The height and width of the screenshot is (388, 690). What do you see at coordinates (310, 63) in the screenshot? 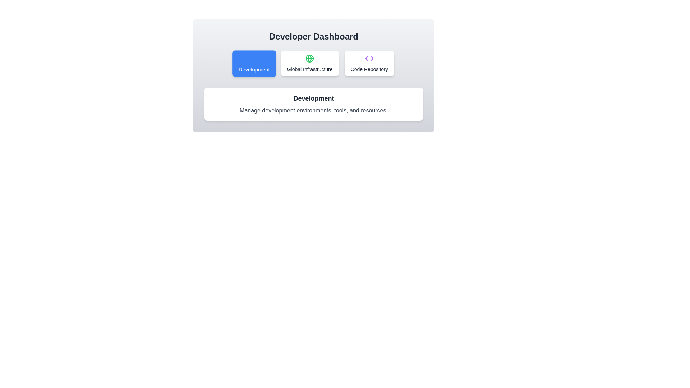
I see `the tab labeled Global Infrastructure to view its icon and content` at bounding box center [310, 63].